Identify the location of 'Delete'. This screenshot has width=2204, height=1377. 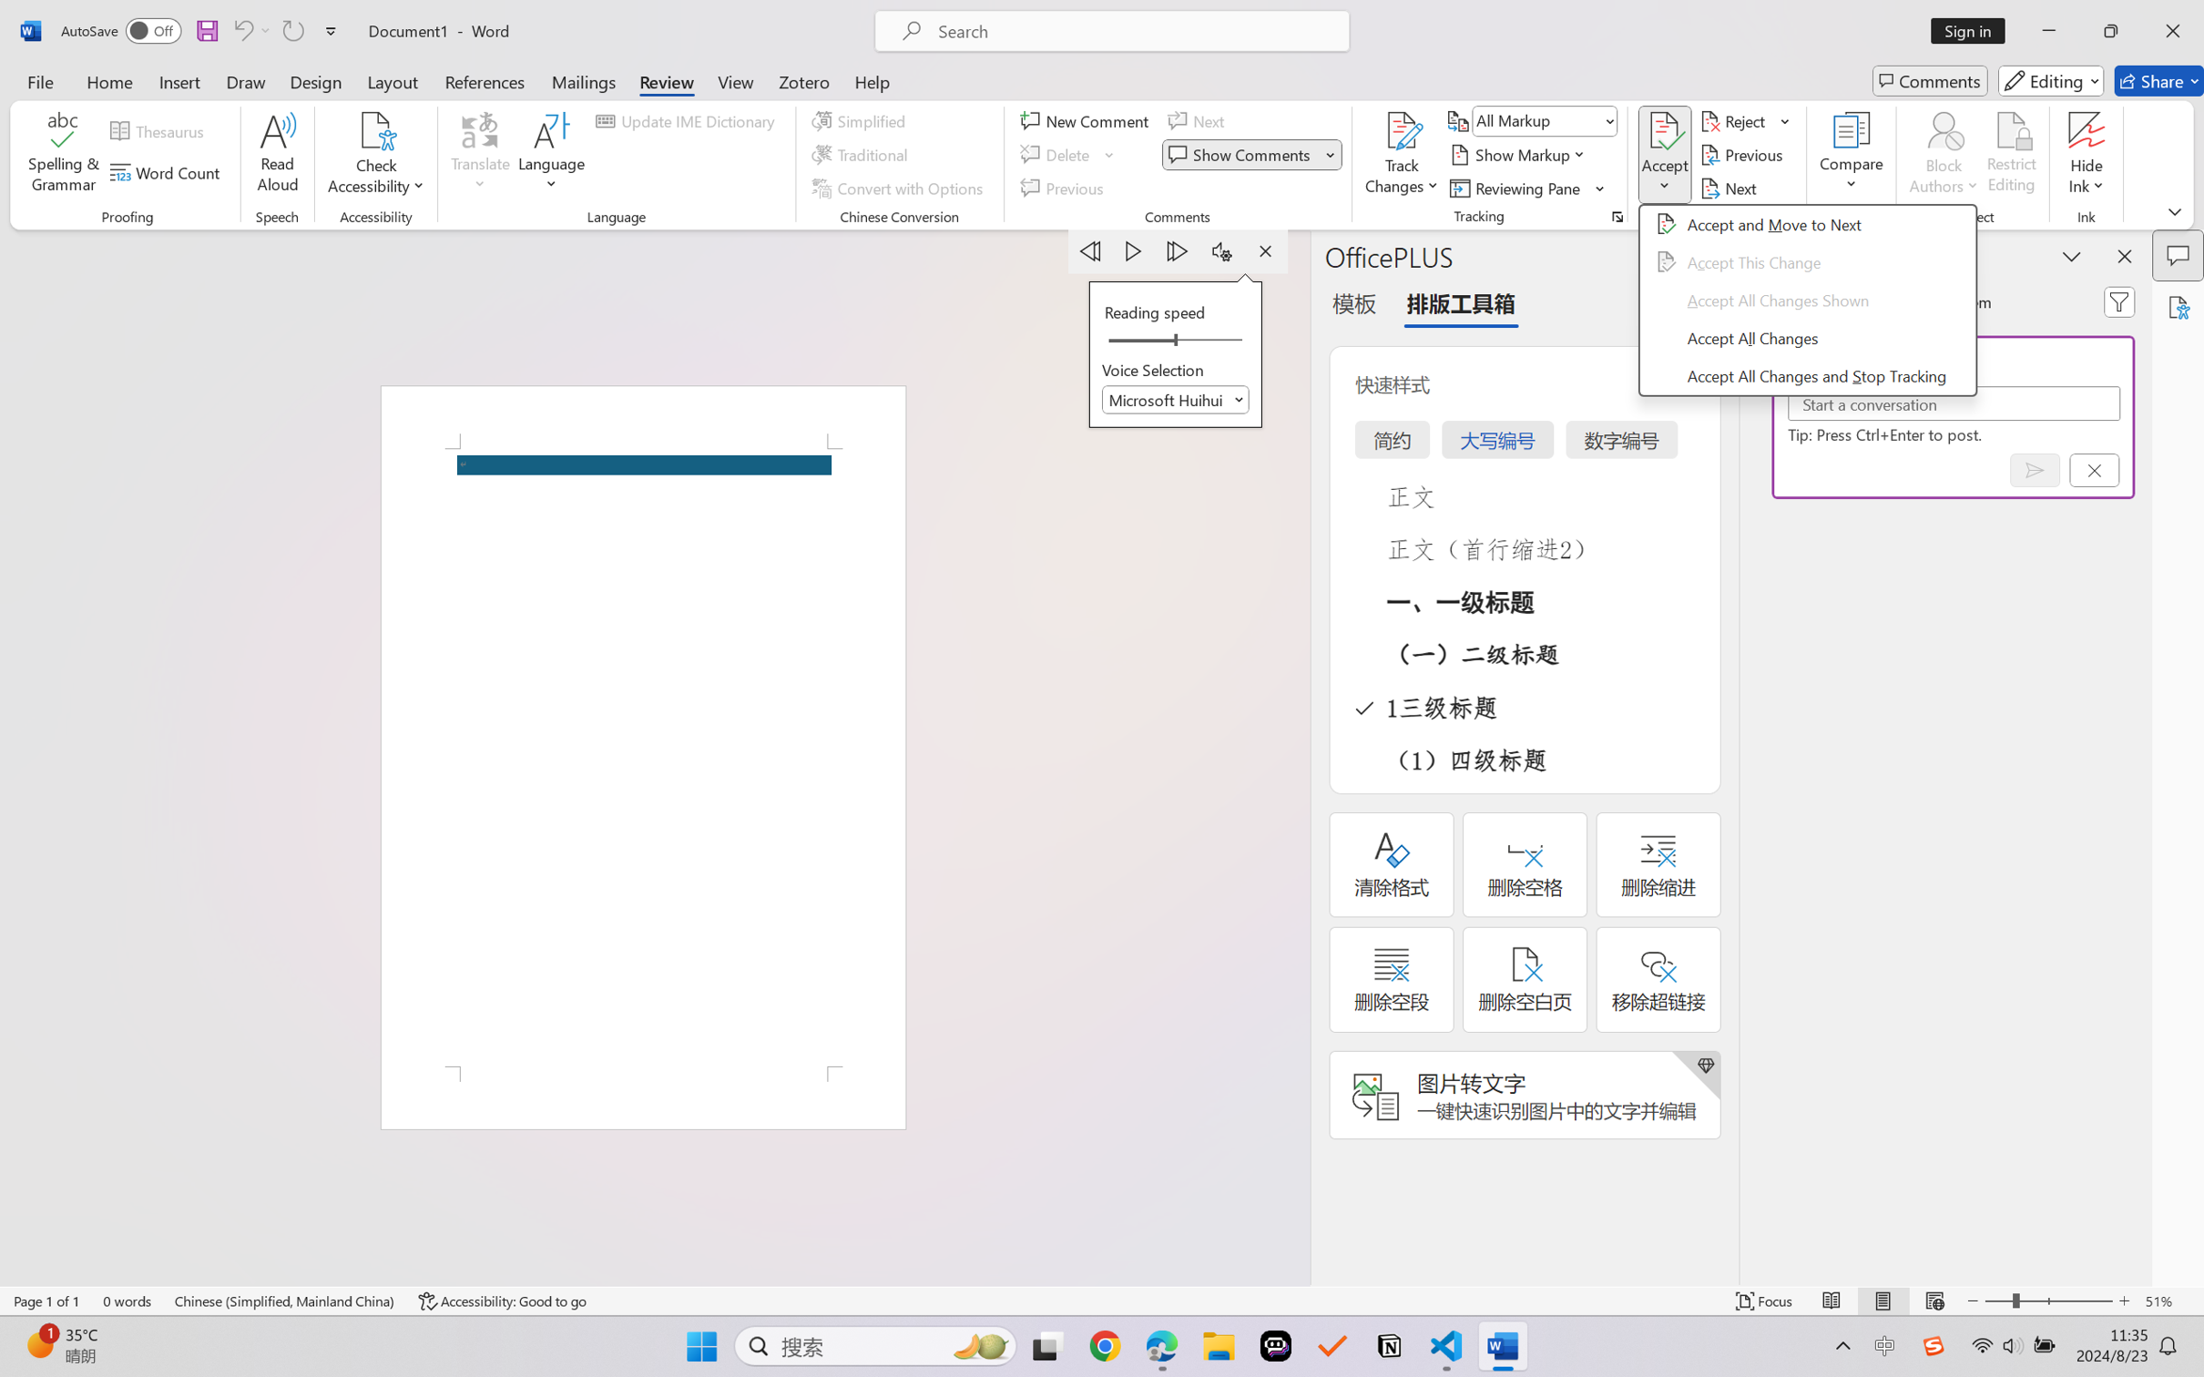
(1057, 155).